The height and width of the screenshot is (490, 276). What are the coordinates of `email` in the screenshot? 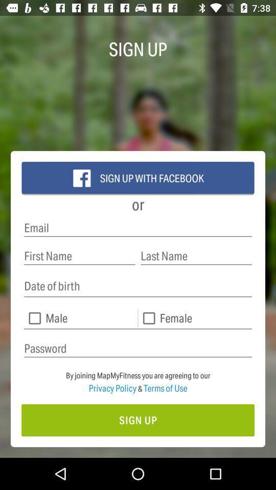 It's located at (138, 228).